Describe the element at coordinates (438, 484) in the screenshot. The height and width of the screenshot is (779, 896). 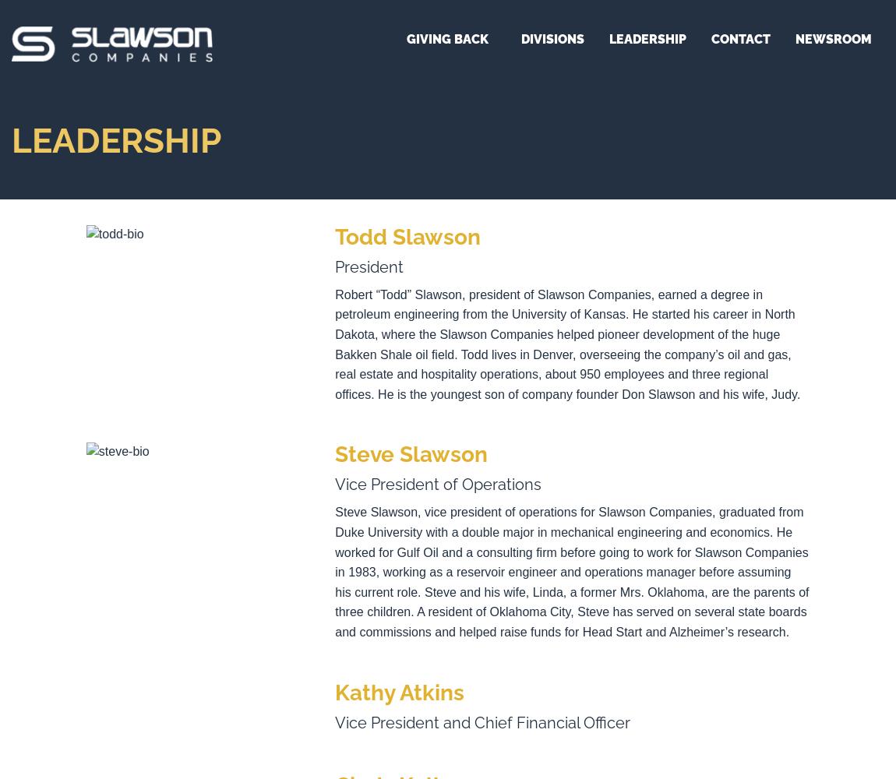
I see `'Vice President of Operations'` at that location.